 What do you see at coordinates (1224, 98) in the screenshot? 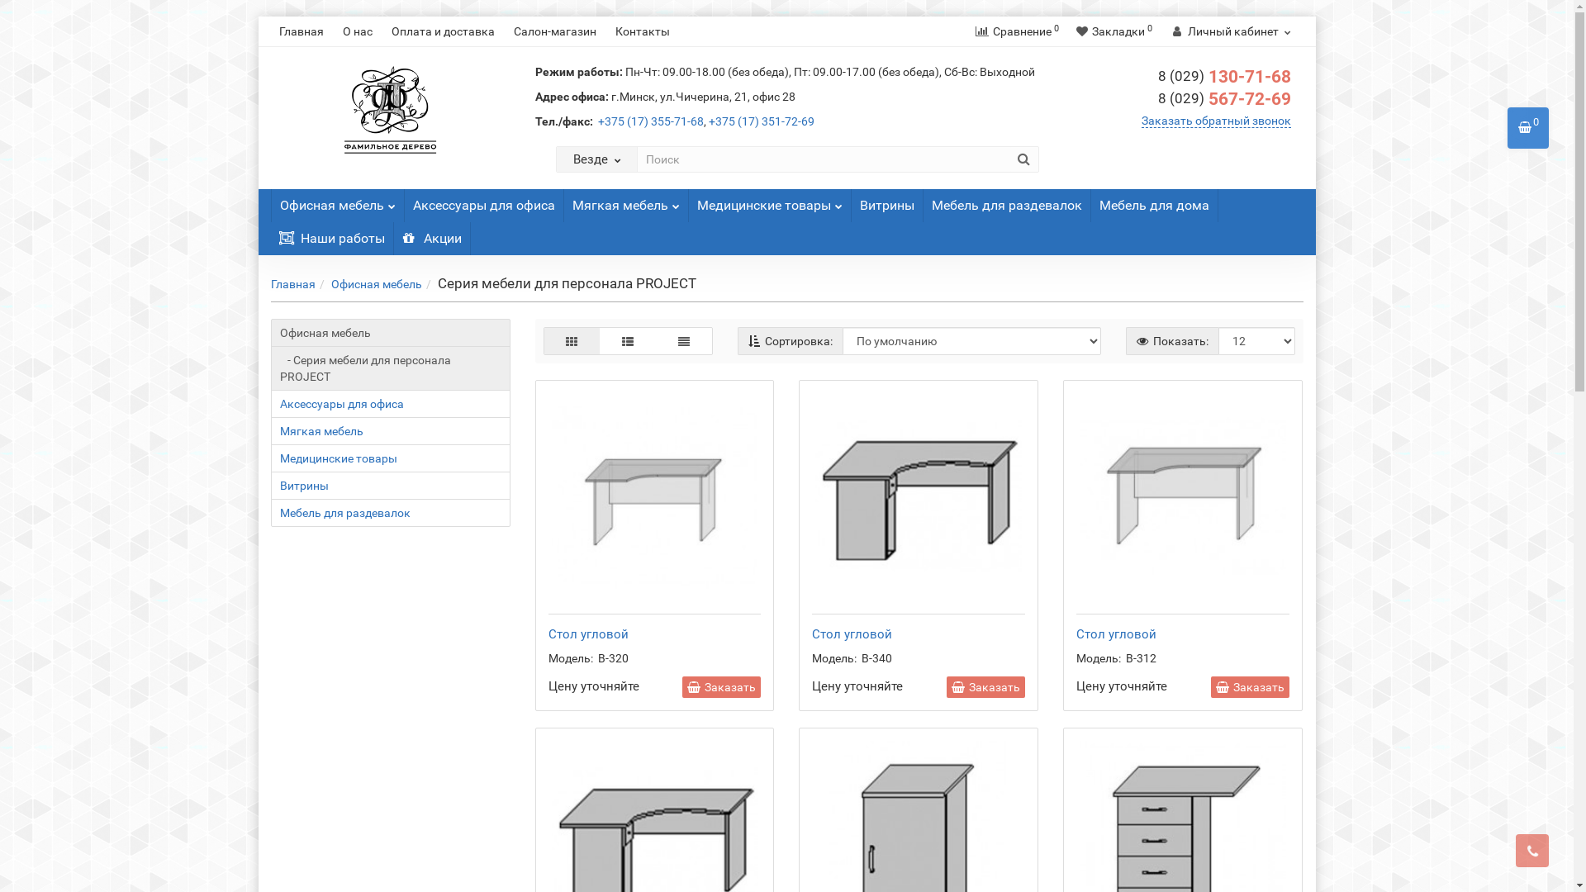
I see `'8 (029) 567-72-69'` at bounding box center [1224, 98].